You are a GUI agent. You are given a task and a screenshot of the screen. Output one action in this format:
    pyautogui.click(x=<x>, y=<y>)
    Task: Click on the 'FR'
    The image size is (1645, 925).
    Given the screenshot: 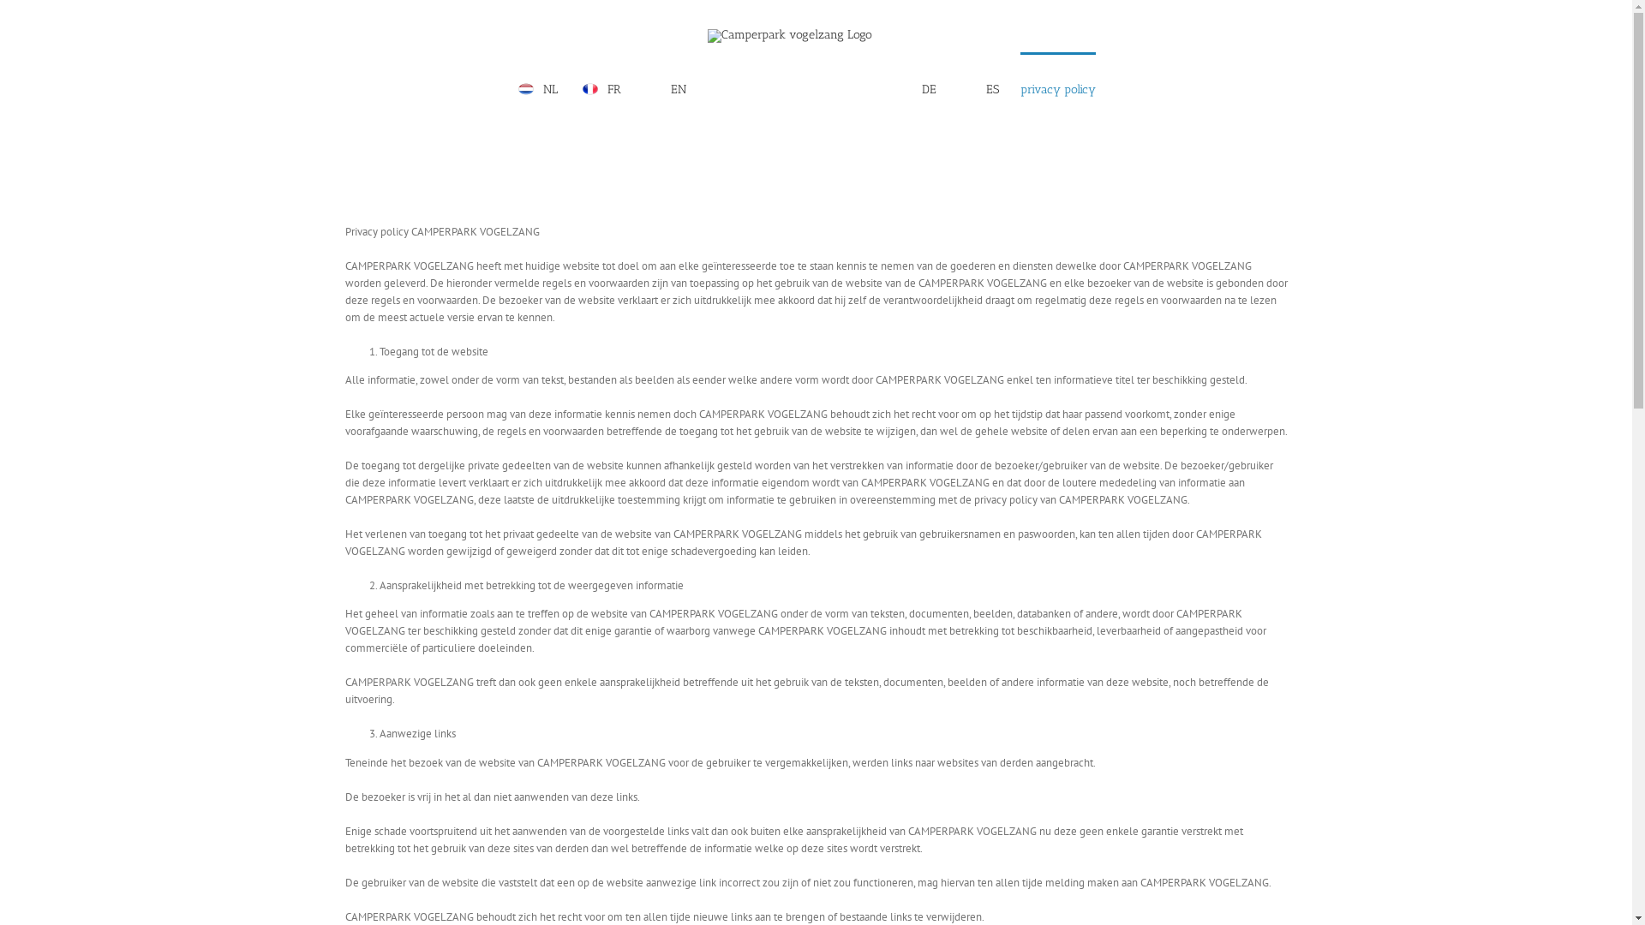 What is the action you would take?
    pyautogui.click(x=600, y=88)
    